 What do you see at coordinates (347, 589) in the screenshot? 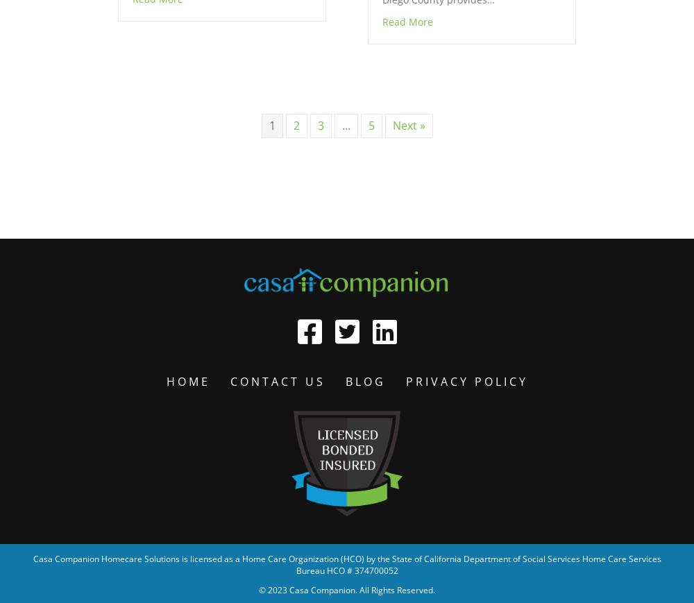
I see `'© 2023 Casa Companion. All Rights Reserved.'` at bounding box center [347, 589].